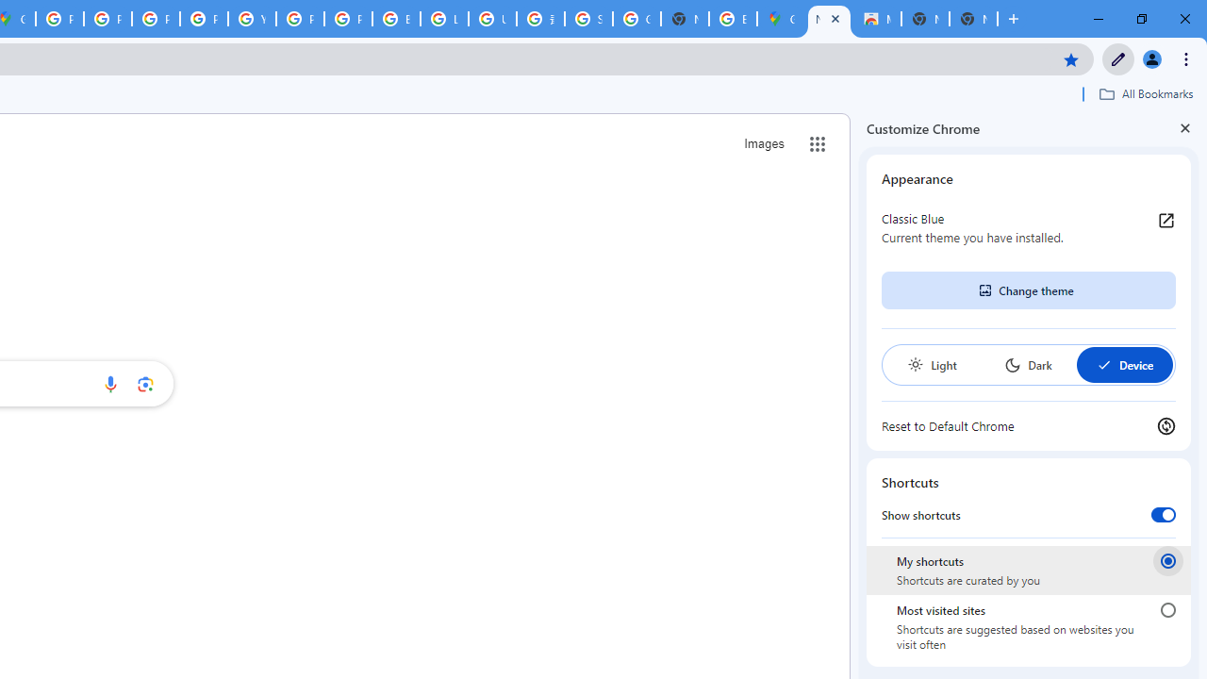  Describe the element at coordinates (932, 365) in the screenshot. I see `'Light'` at that location.